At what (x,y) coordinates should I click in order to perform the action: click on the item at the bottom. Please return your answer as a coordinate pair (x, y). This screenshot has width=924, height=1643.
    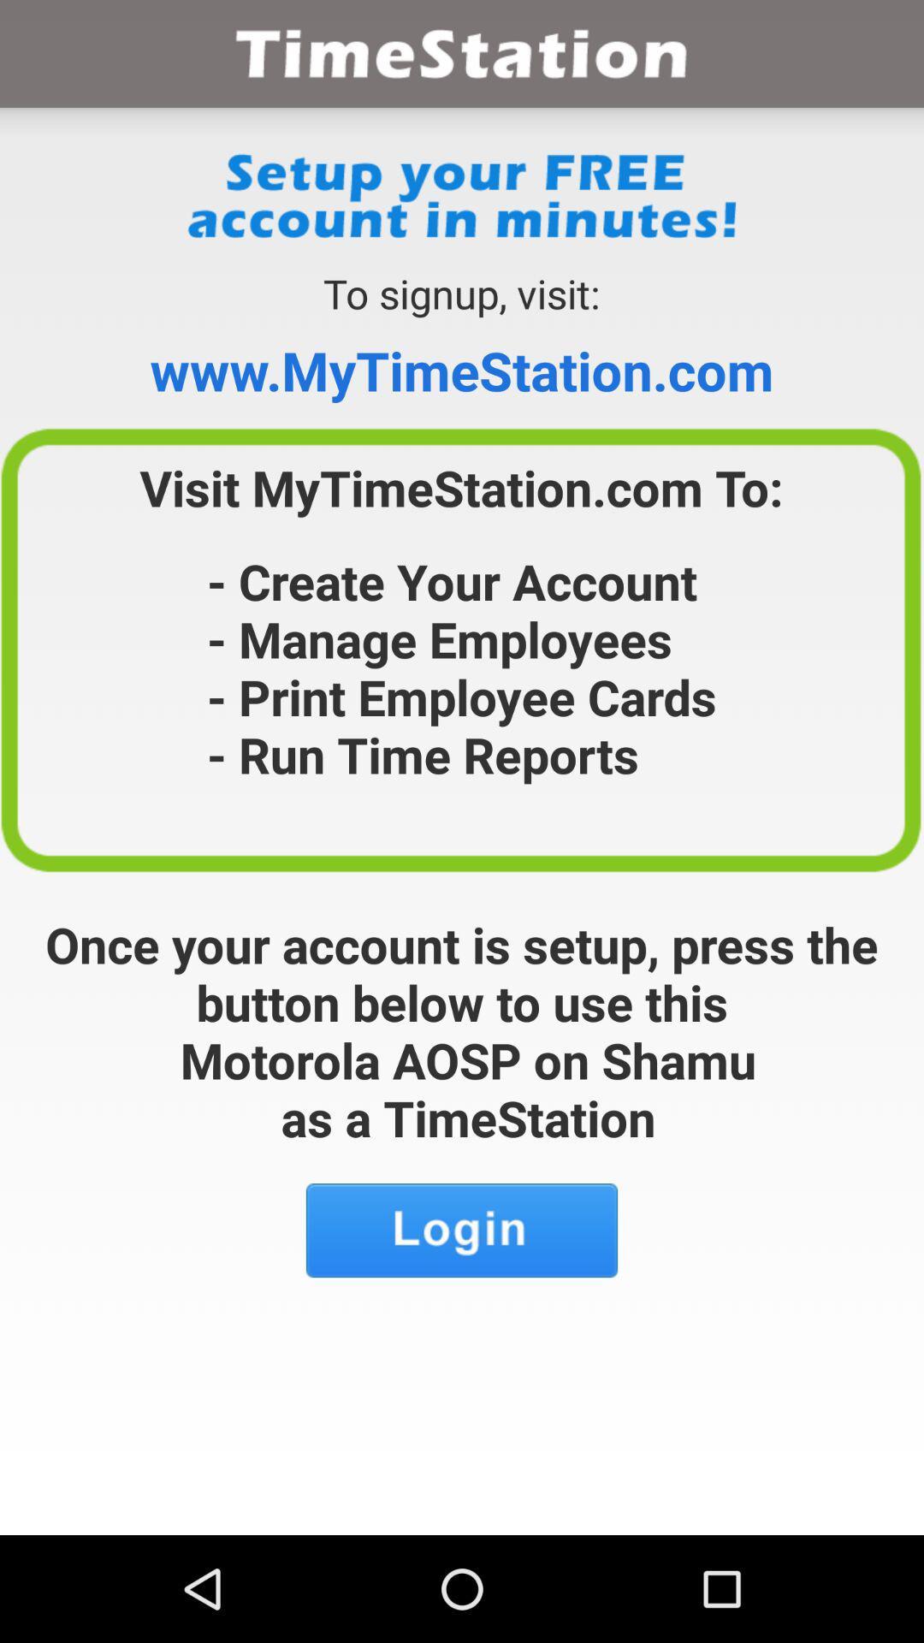
    Looking at the image, I should click on (462, 1230).